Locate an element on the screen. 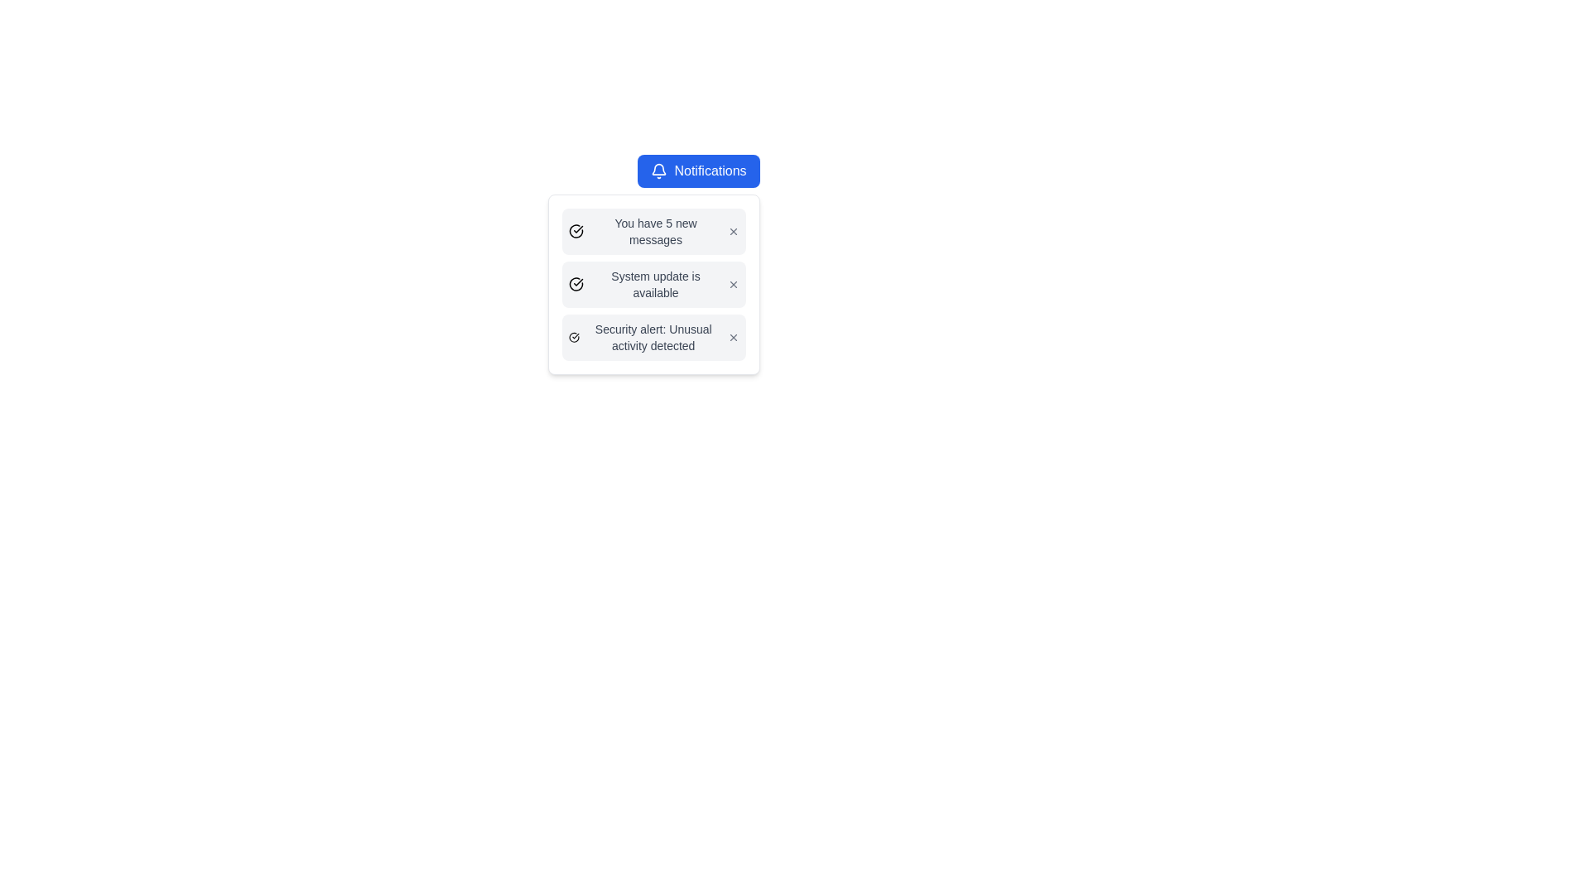 The height and width of the screenshot is (894, 1590). text from the security alert notification message located within the third notification in the notification card, positioned below the 'System update is available' notification is located at coordinates (653, 337).